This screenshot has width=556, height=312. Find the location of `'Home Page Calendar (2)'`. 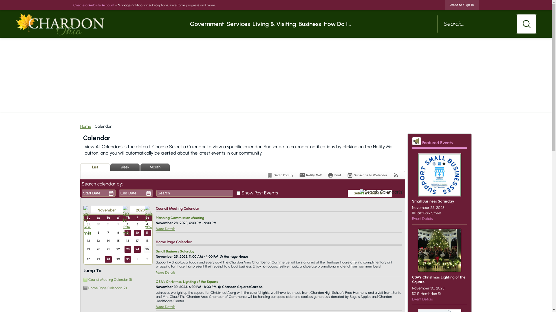

'Home Page Calendar (2)' is located at coordinates (116, 288).